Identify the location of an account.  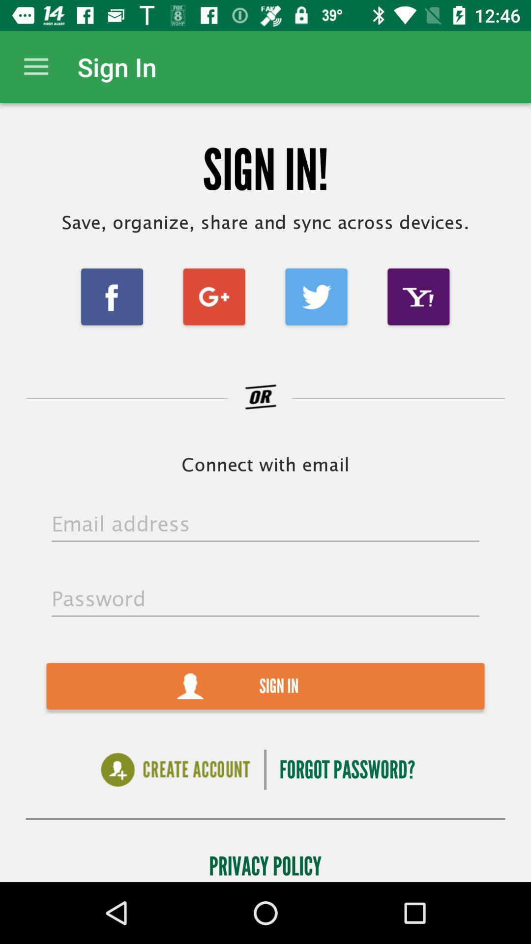
(175, 769).